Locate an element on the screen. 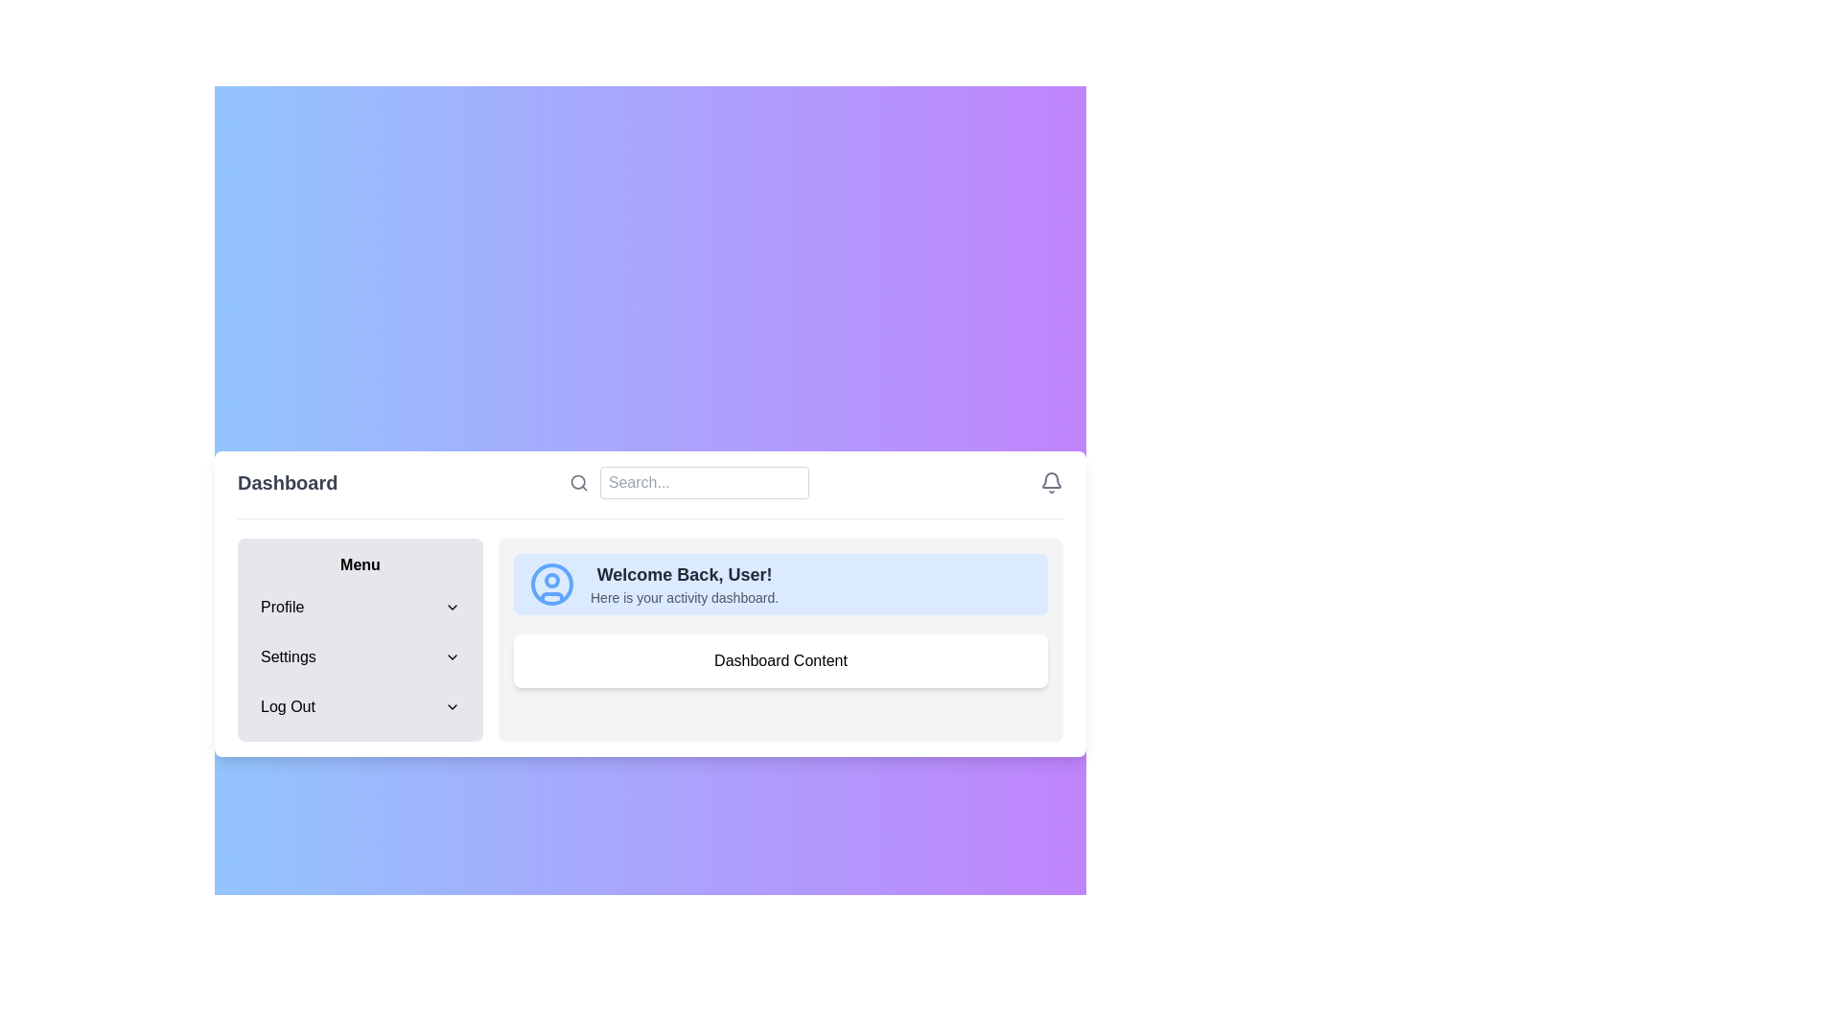 The image size is (1841, 1035). the downward-pointing triangular arrow icon located at the right edge of the 'Log Out' menu option is located at coordinates (451, 706).